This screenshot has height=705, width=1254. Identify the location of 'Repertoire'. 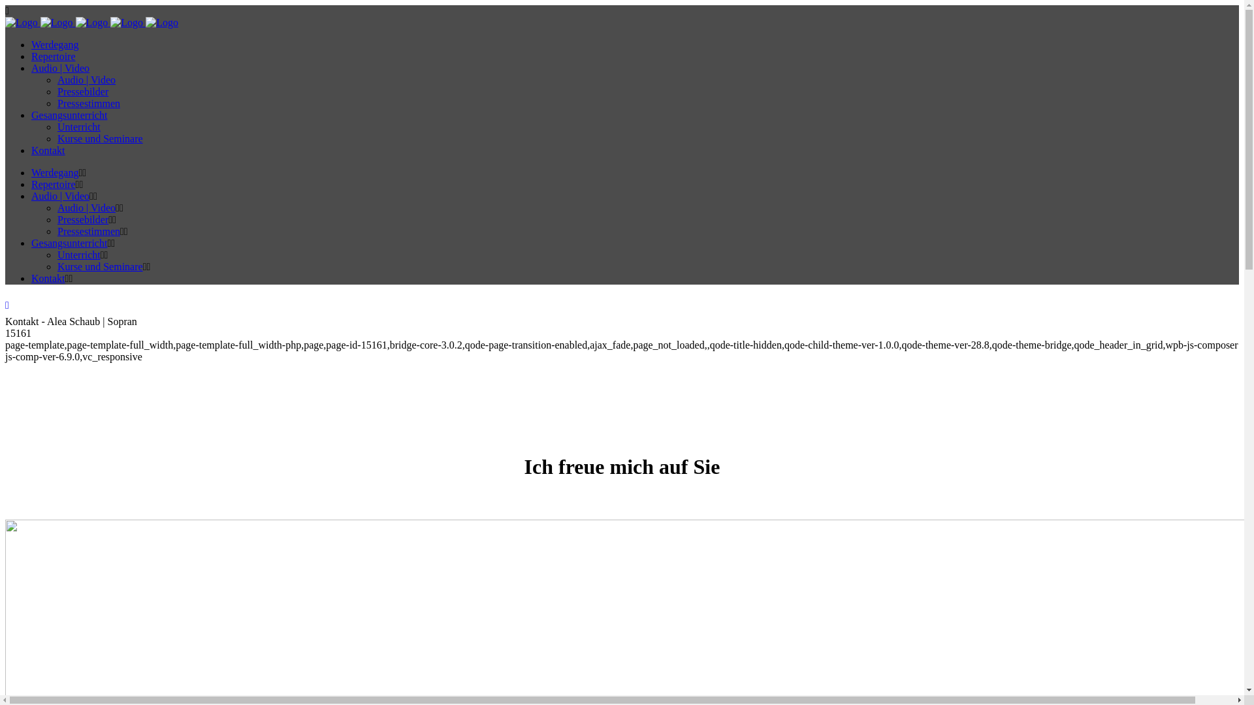
(52, 184).